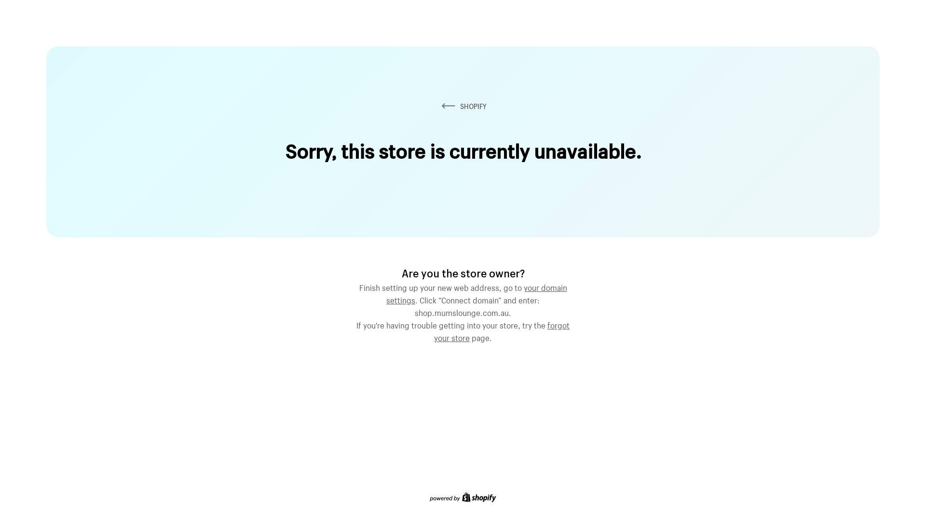  Describe the element at coordinates (477, 292) in the screenshot. I see `'your domain settings'` at that location.